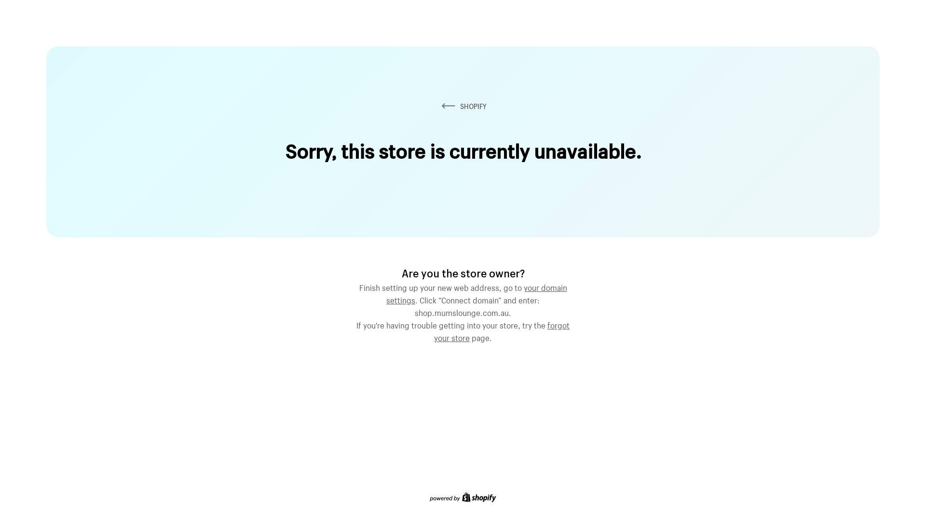  Describe the element at coordinates (477, 292) in the screenshot. I see `'your domain settings'` at that location.